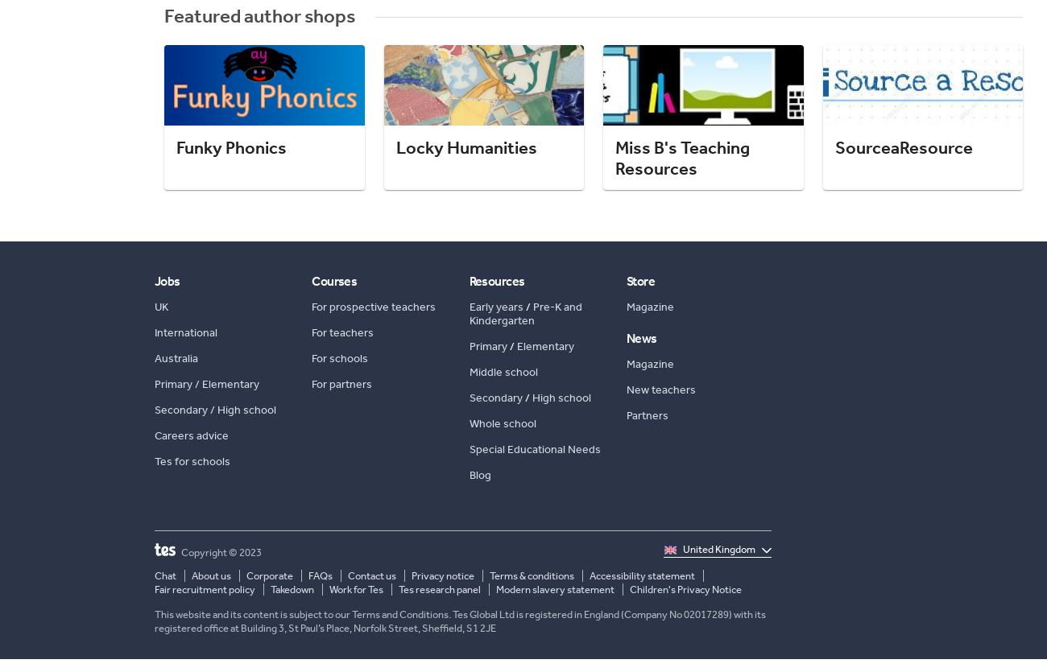 The width and height of the screenshot is (1047, 672). What do you see at coordinates (544, 344) in the screenshot?
I see `'Elementary'` at bounding box center [544, 344].